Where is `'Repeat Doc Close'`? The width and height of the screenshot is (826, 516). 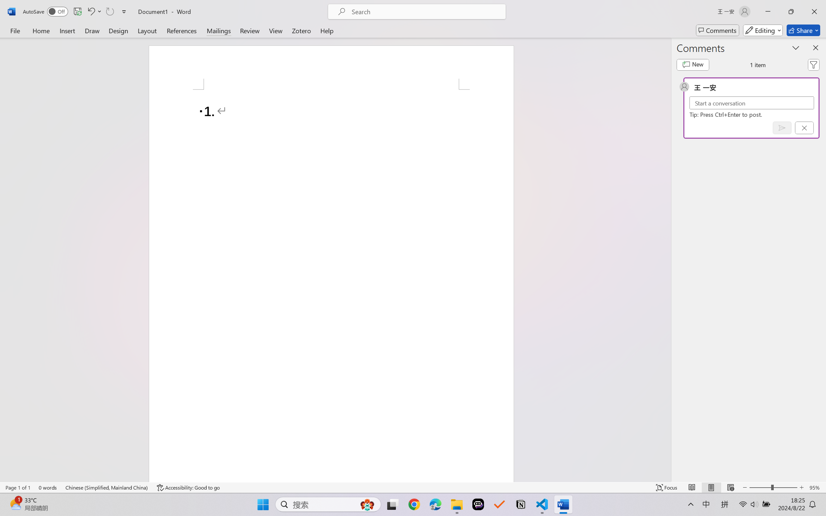
'Repeat Doc Close' is located at coordinates (109, 11).